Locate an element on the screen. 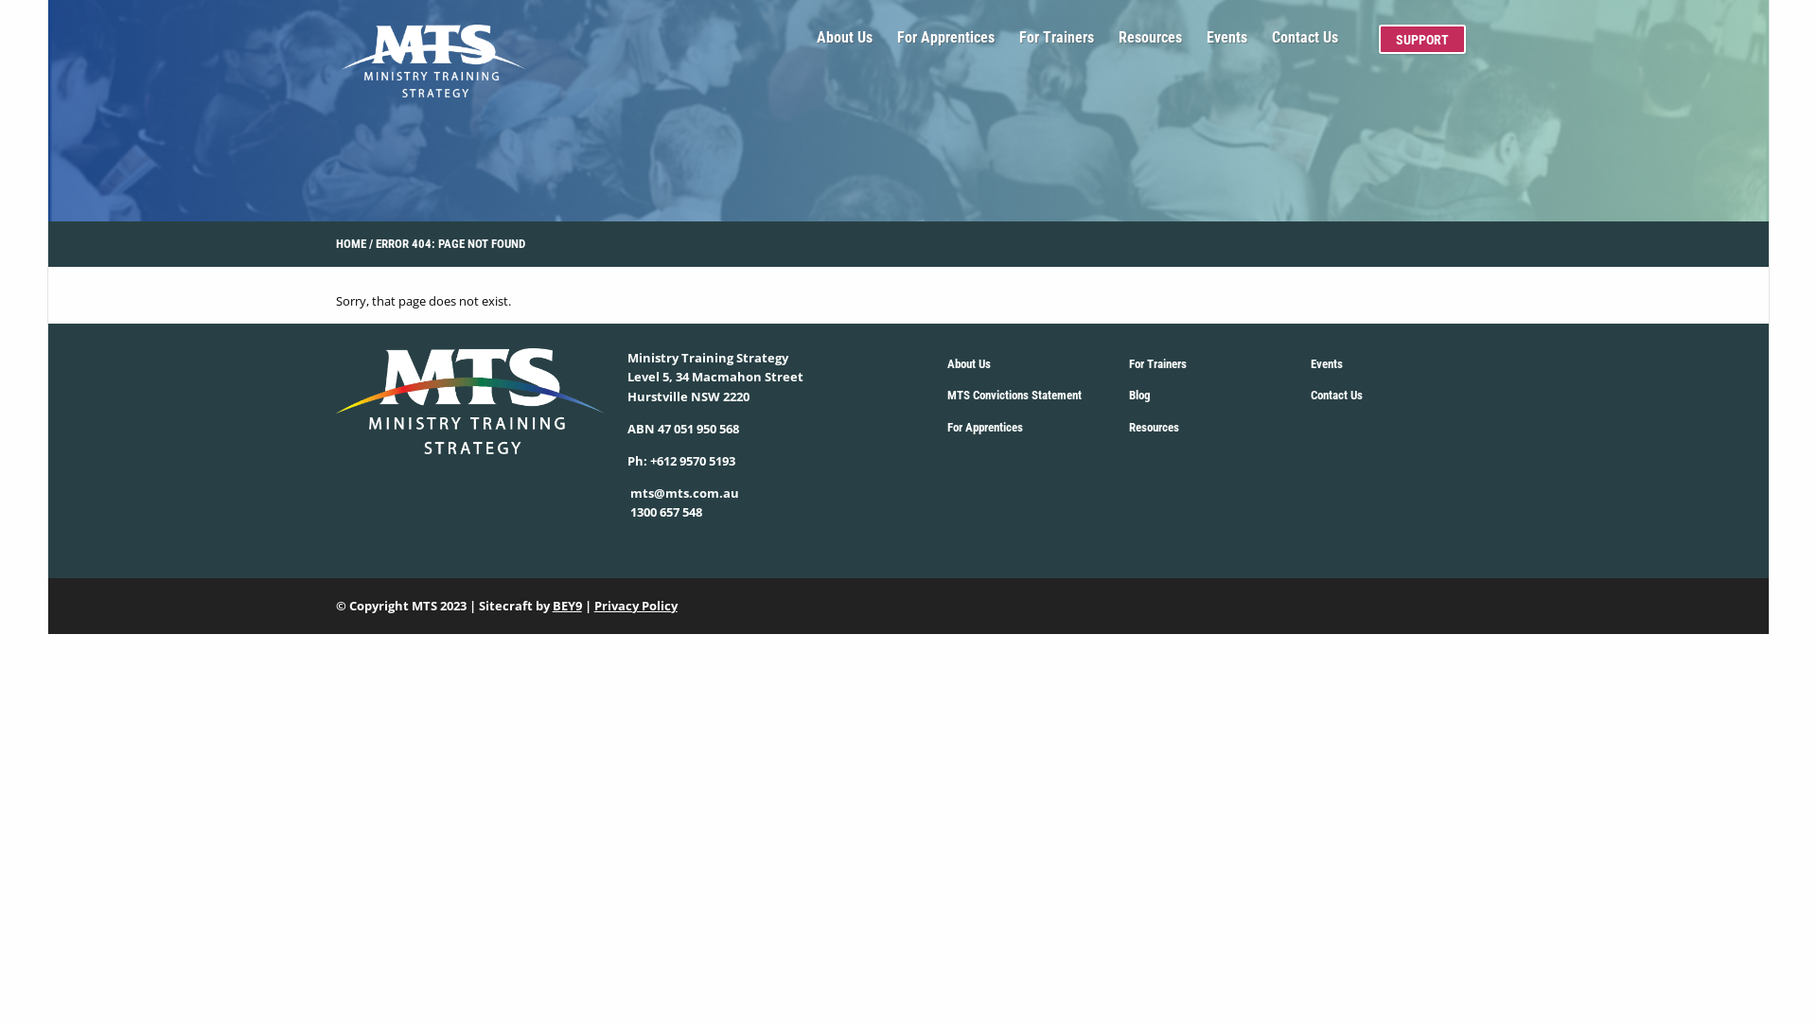 This screenshot has width=1817, height=1022. 'For Apprentices' is located at coordinates (984, 428).